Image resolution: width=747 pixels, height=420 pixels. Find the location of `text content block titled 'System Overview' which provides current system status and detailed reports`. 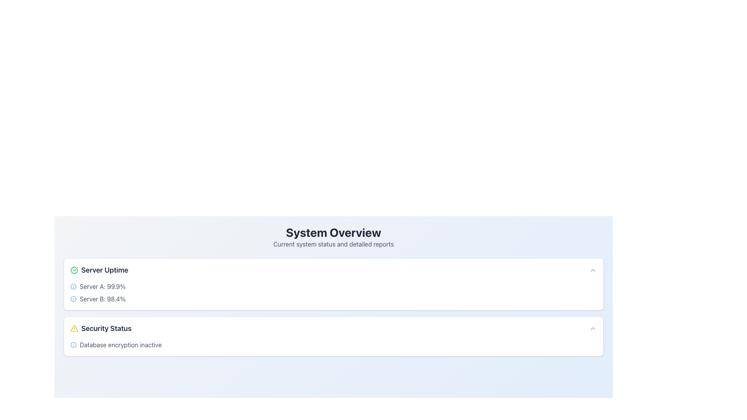

text content block titled 'System Overview' which provides current system status and detailed reports is located at coordinates (333, 236).